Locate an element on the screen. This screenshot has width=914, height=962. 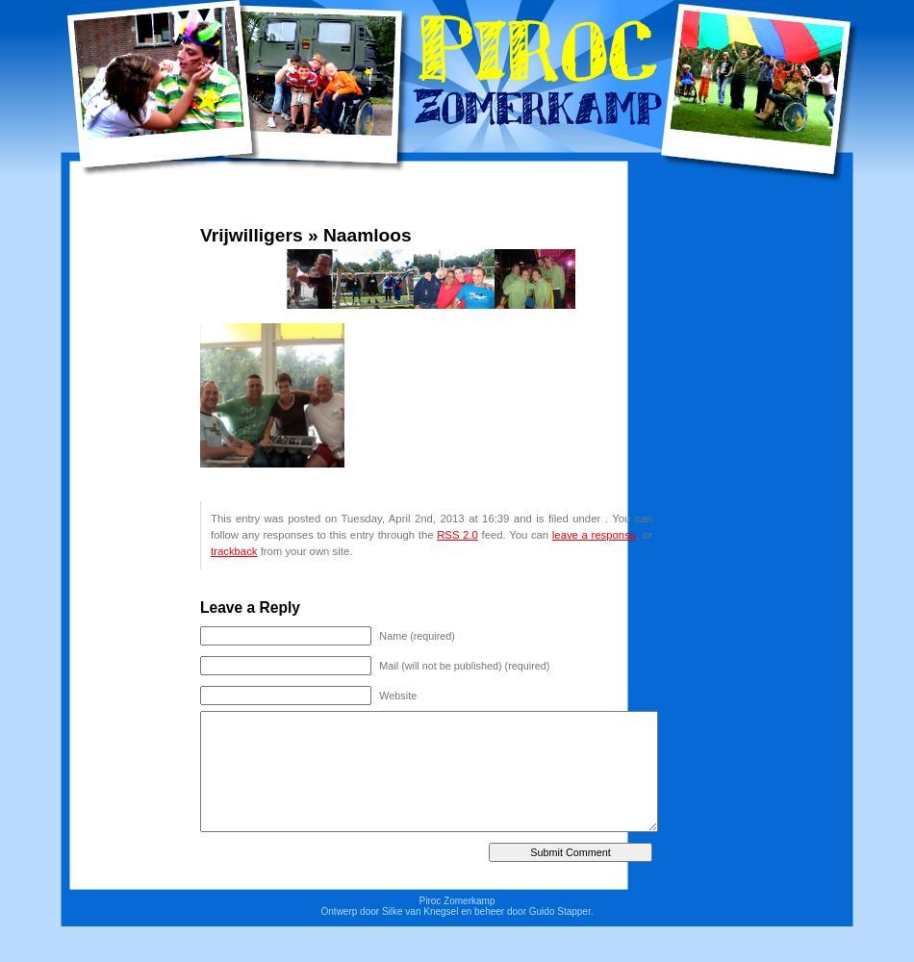
'Ontwerp door Silke van Knegsel en beheer door Guido Stapper.' is located at coordinates (455, 910).